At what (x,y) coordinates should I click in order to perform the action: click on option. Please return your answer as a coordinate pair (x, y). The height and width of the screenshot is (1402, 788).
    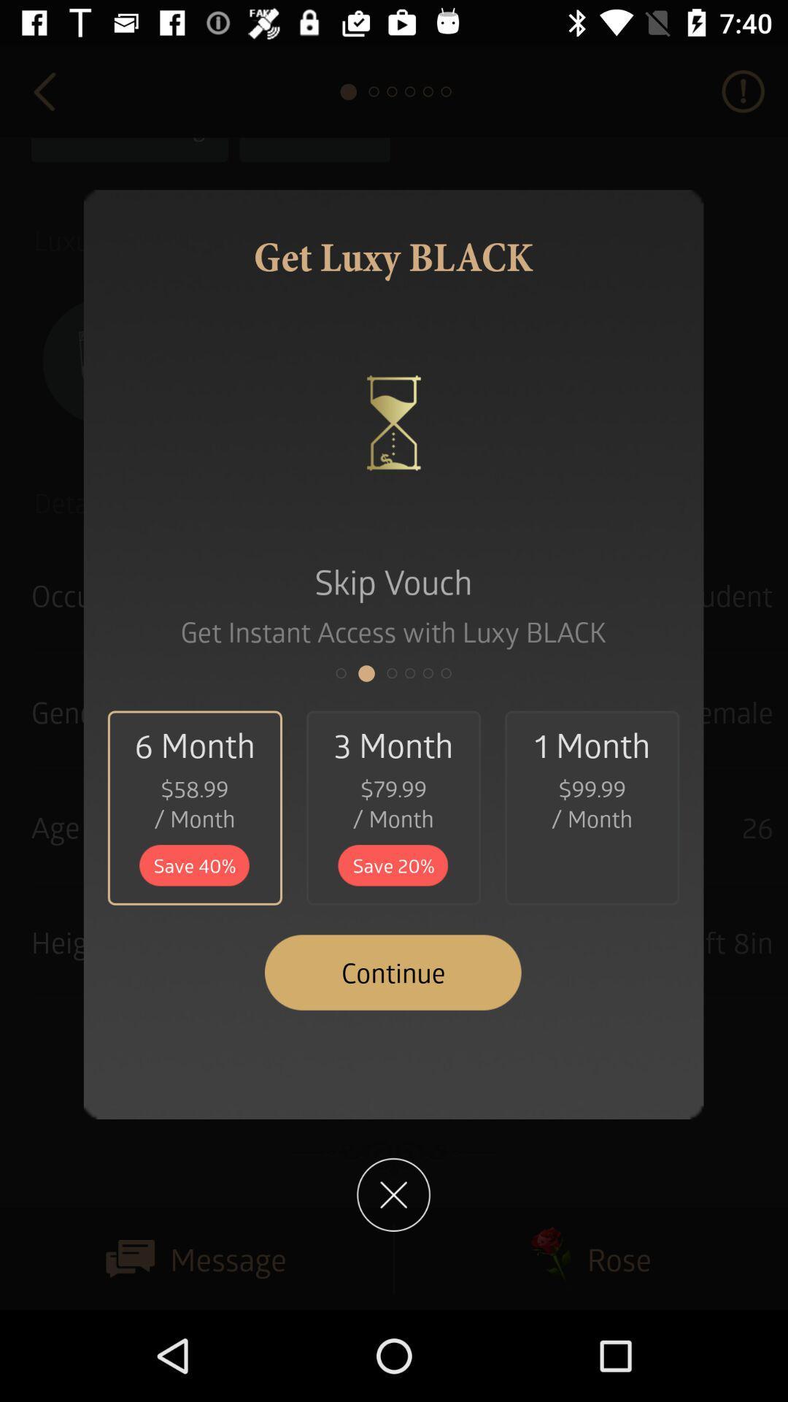
    Looking at the image, I should click on (393, 1195).